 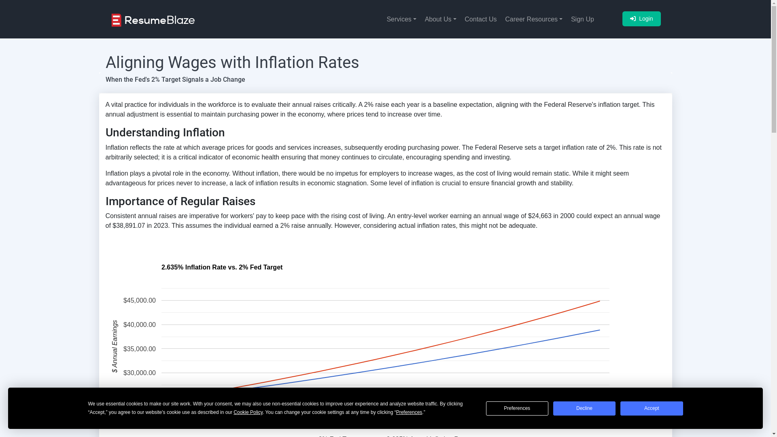 What do you see at coordinates (497, 19) in the screenshot?
I see `'Career Resources'` at bounding box center [497, 19].